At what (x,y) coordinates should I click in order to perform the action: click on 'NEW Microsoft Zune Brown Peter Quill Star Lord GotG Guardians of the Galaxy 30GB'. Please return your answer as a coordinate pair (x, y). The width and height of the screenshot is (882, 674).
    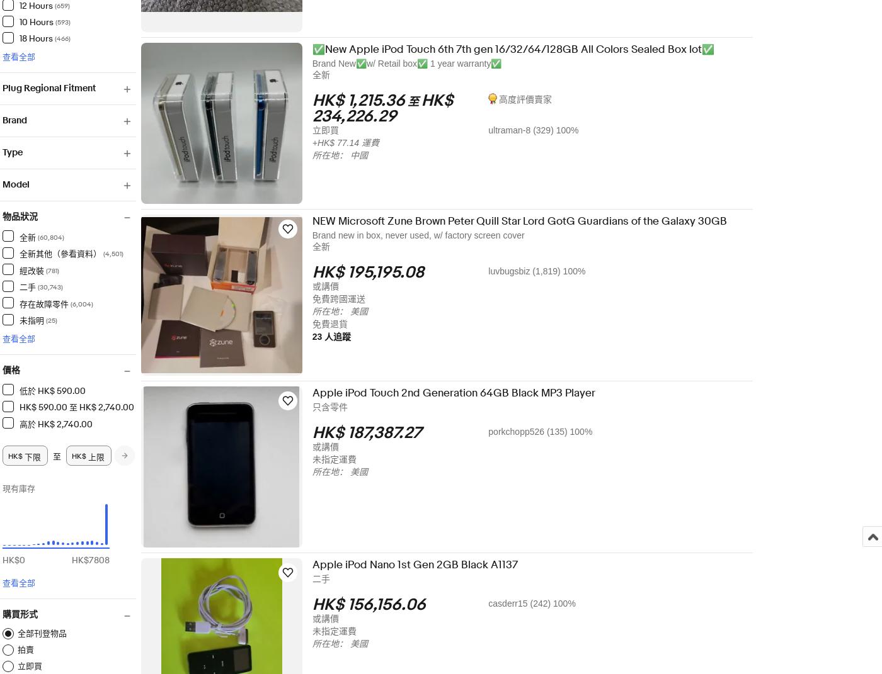
    Looking at the image, I should click on (528, 220).